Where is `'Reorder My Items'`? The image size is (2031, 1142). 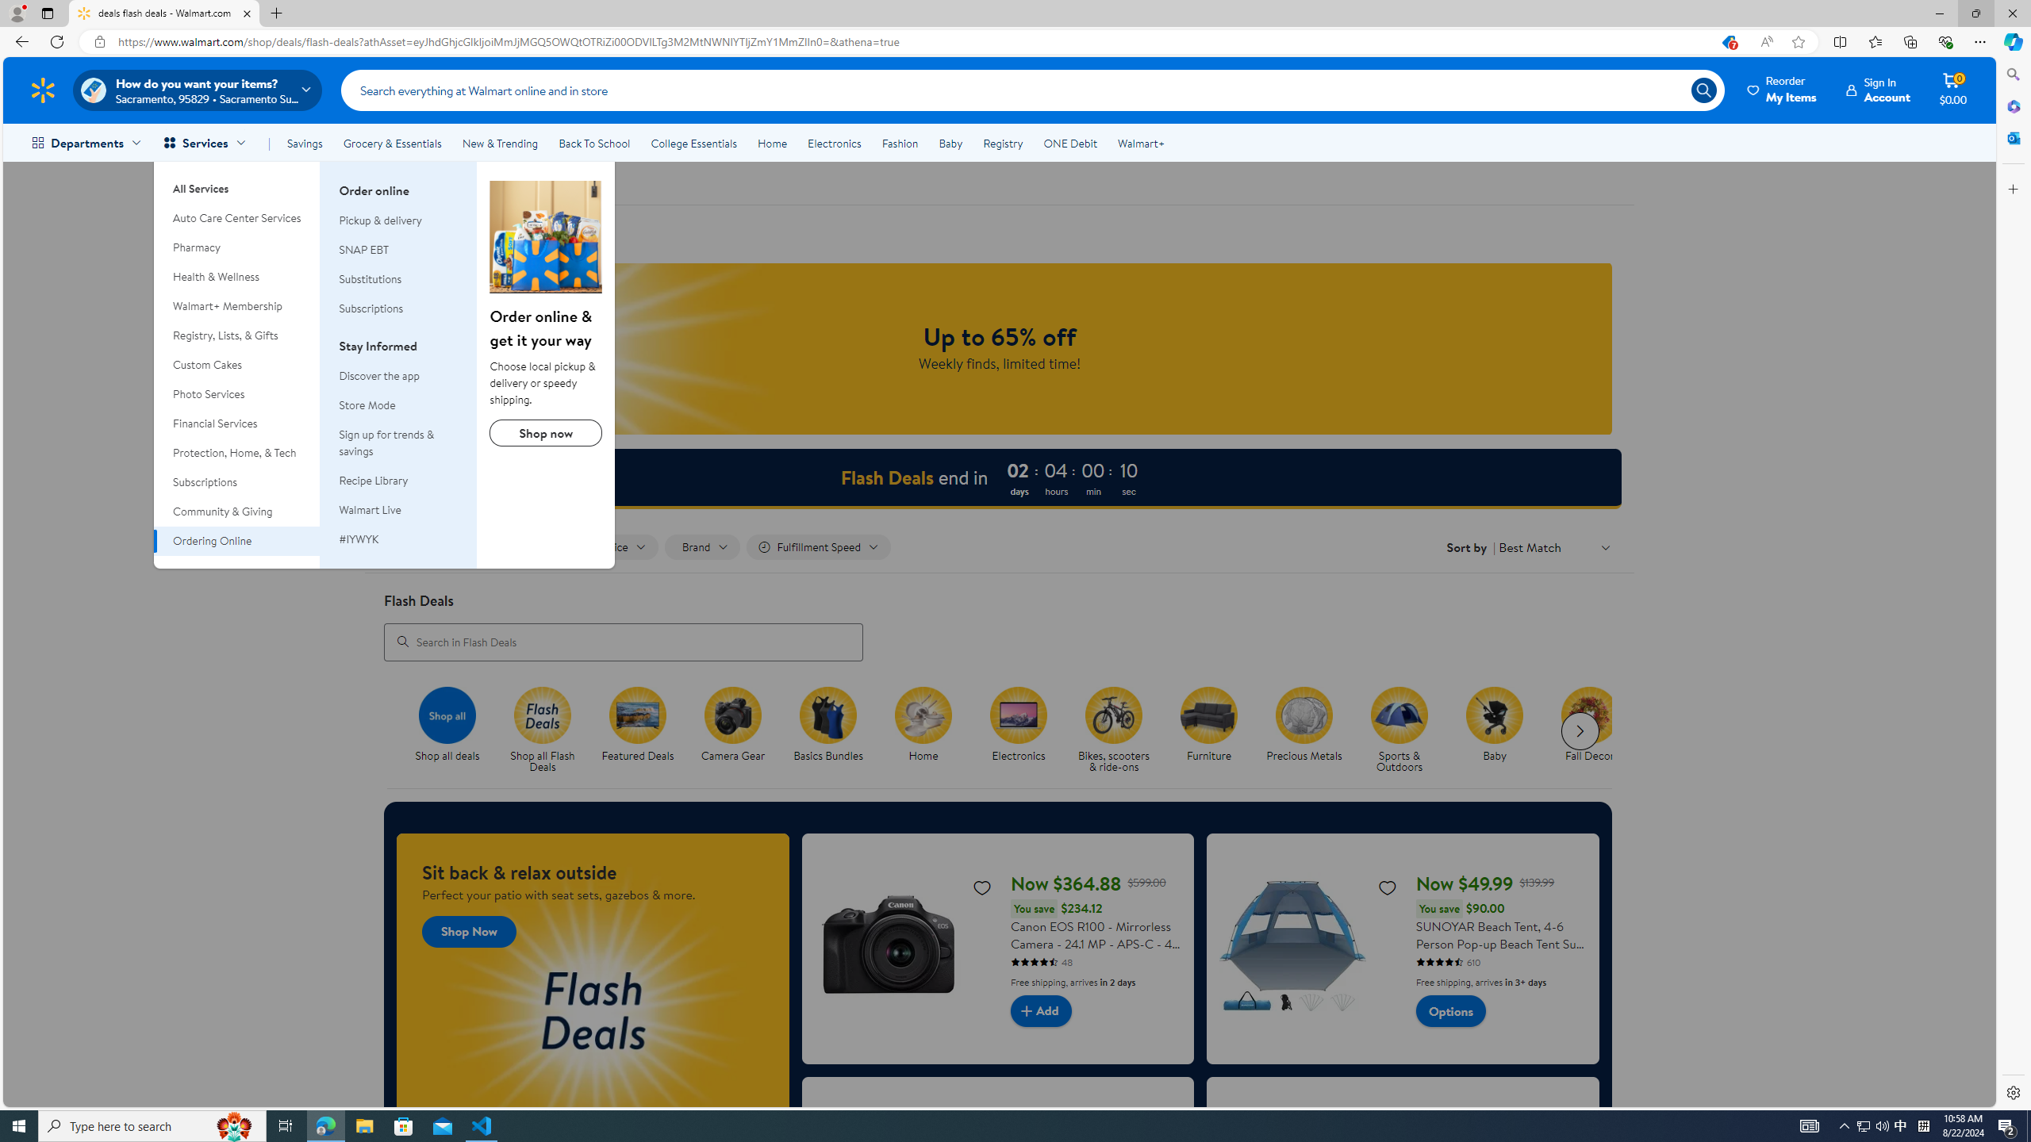
'Reorder My Items' is located at coordinates (1782, 89).